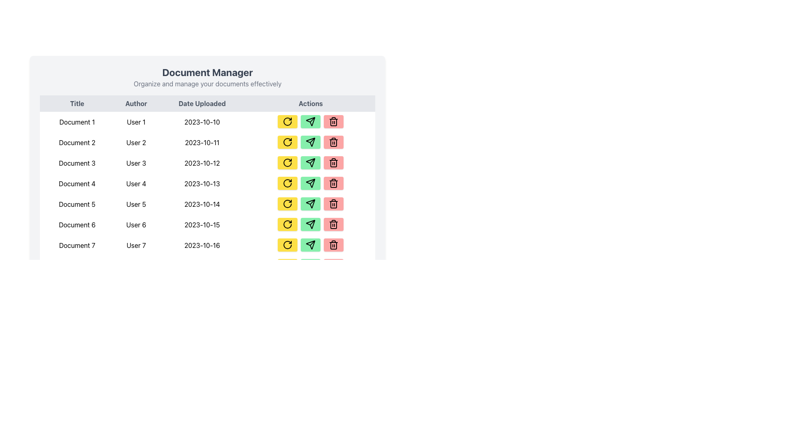  I want to click on the circular arrow icon with a yellow background located in the third row of the 'Actions' column of the table, representing a 'rotate' or 'refresh' action, so click(288, 163).